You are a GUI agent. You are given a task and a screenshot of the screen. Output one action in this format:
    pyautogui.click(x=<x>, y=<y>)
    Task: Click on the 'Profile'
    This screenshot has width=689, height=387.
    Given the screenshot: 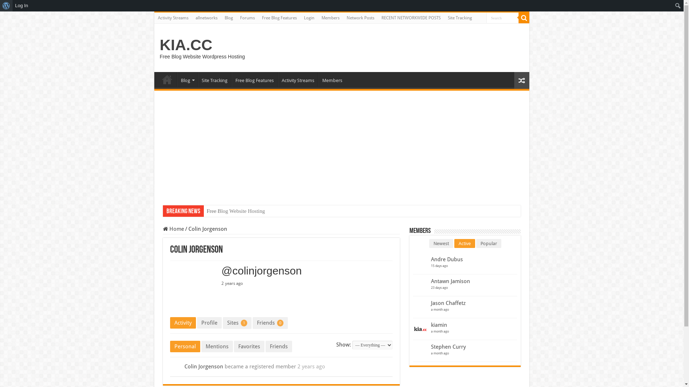 What is the action you would take?
    pyautogui.click(x=209, y=323)
    